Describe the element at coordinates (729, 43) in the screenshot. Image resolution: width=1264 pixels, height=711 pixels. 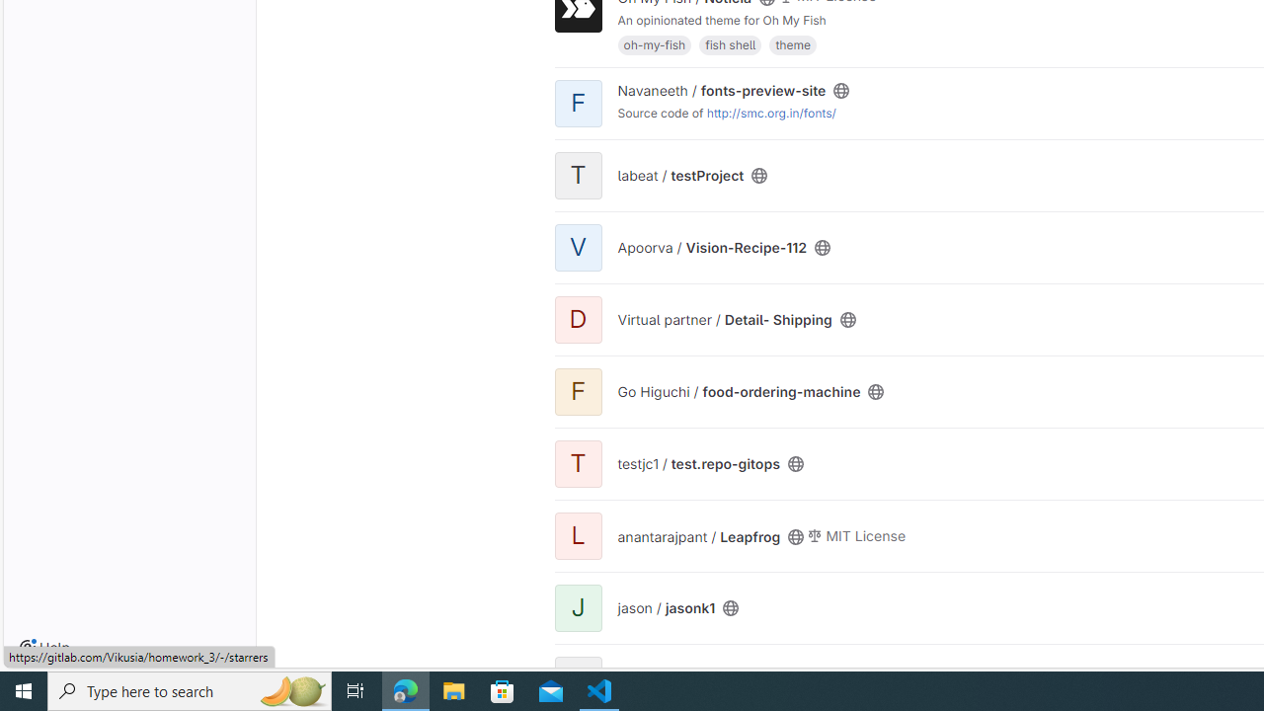
I see `'fish shell'` at that location.